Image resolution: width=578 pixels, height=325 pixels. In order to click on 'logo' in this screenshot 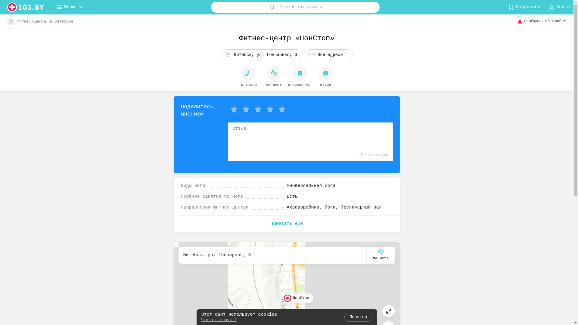, I will do `click(7, 7)`.